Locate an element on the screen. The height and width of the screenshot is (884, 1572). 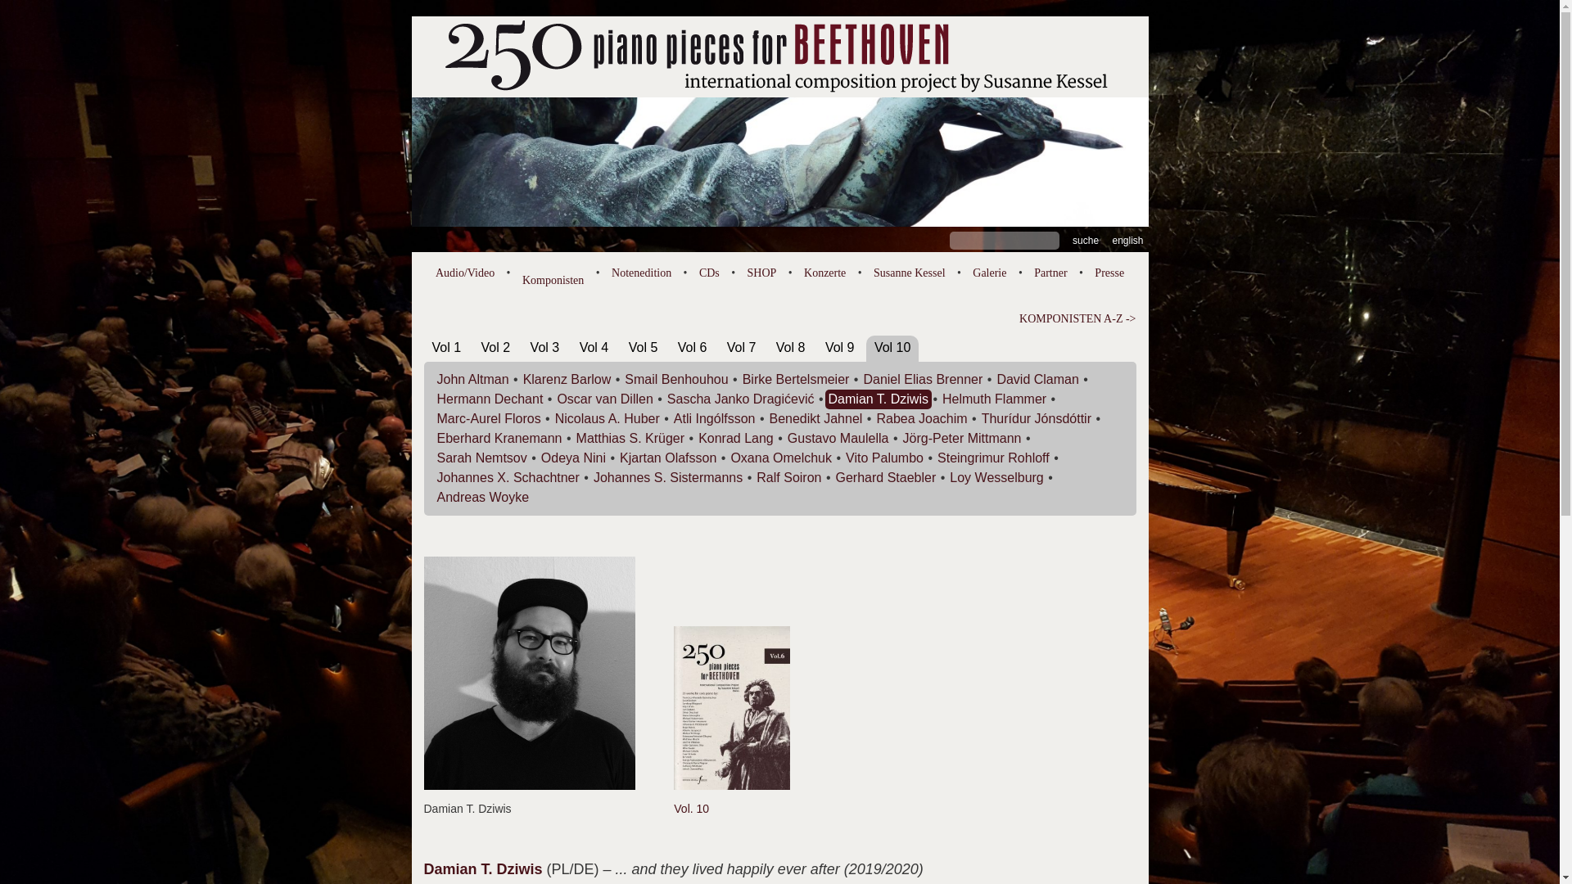
'Kjartan Olafsson' is located at coordinates (668, 458).